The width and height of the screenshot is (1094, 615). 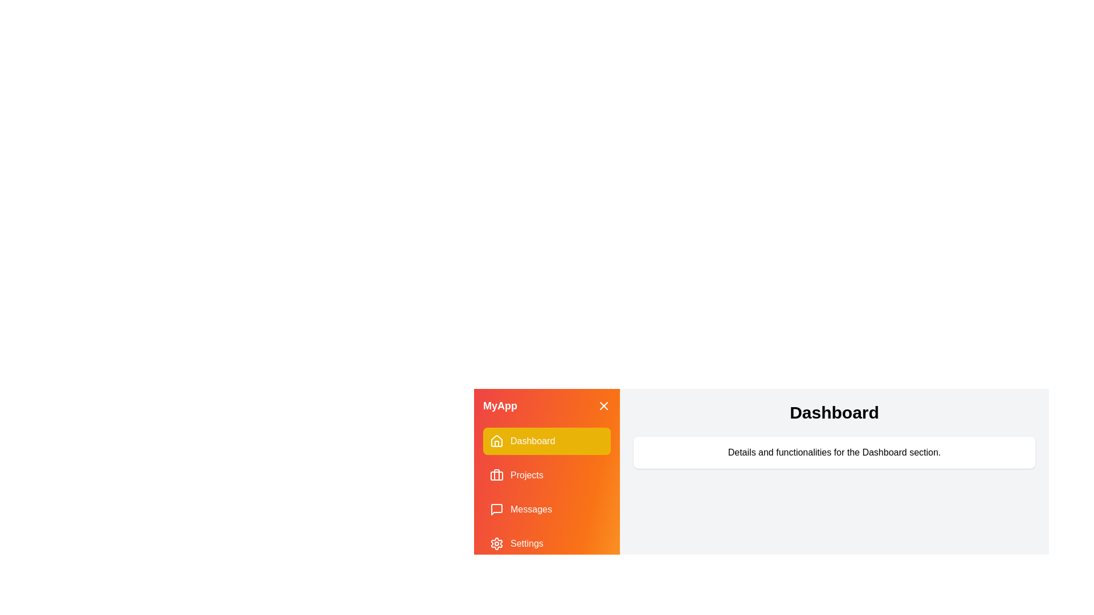 I want to click on the menu item labeled Messages to display its content, so click(x=547, y=509).